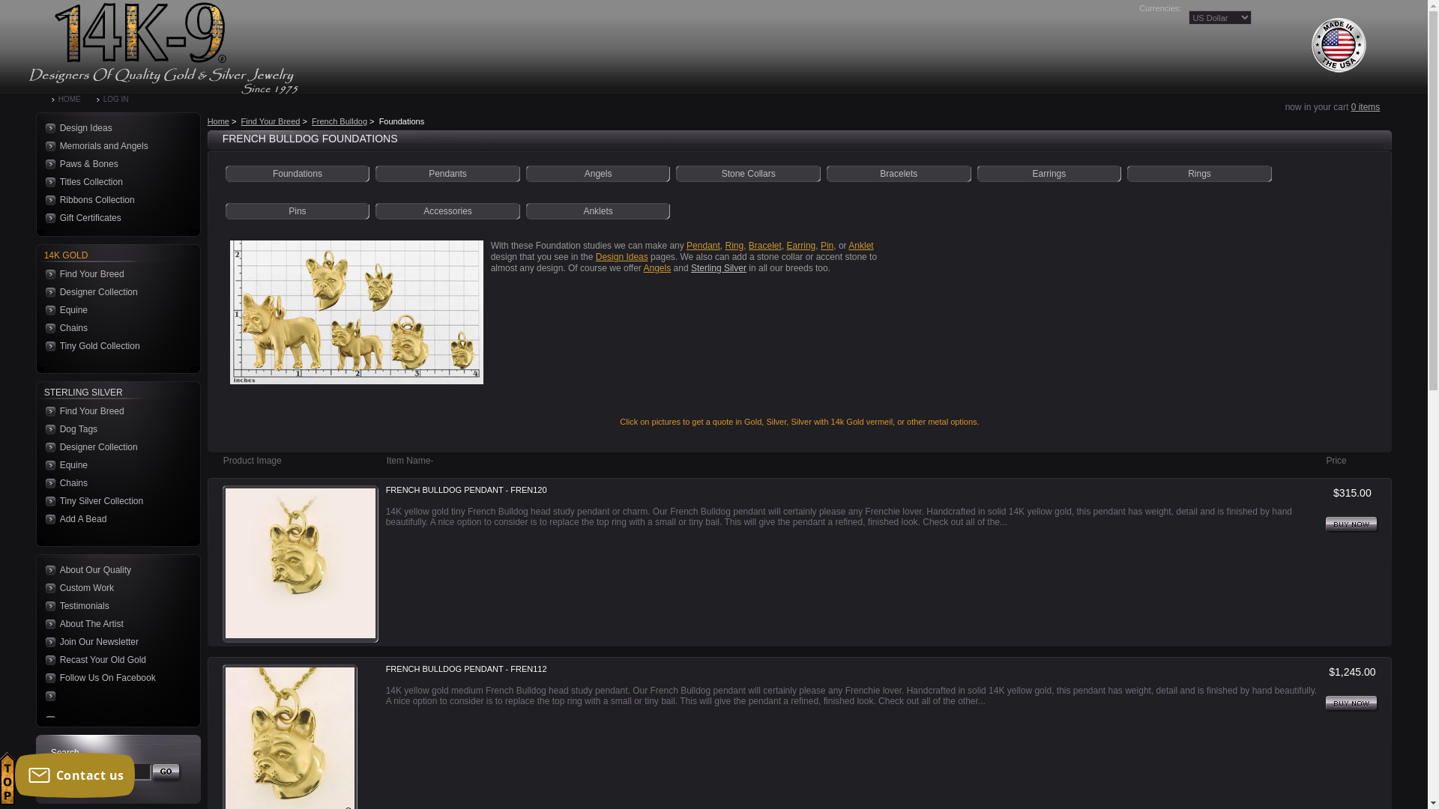  Describe the element at coordinates (113, 164) in the screenshot. I see `'Paws & Bones'` at that location.